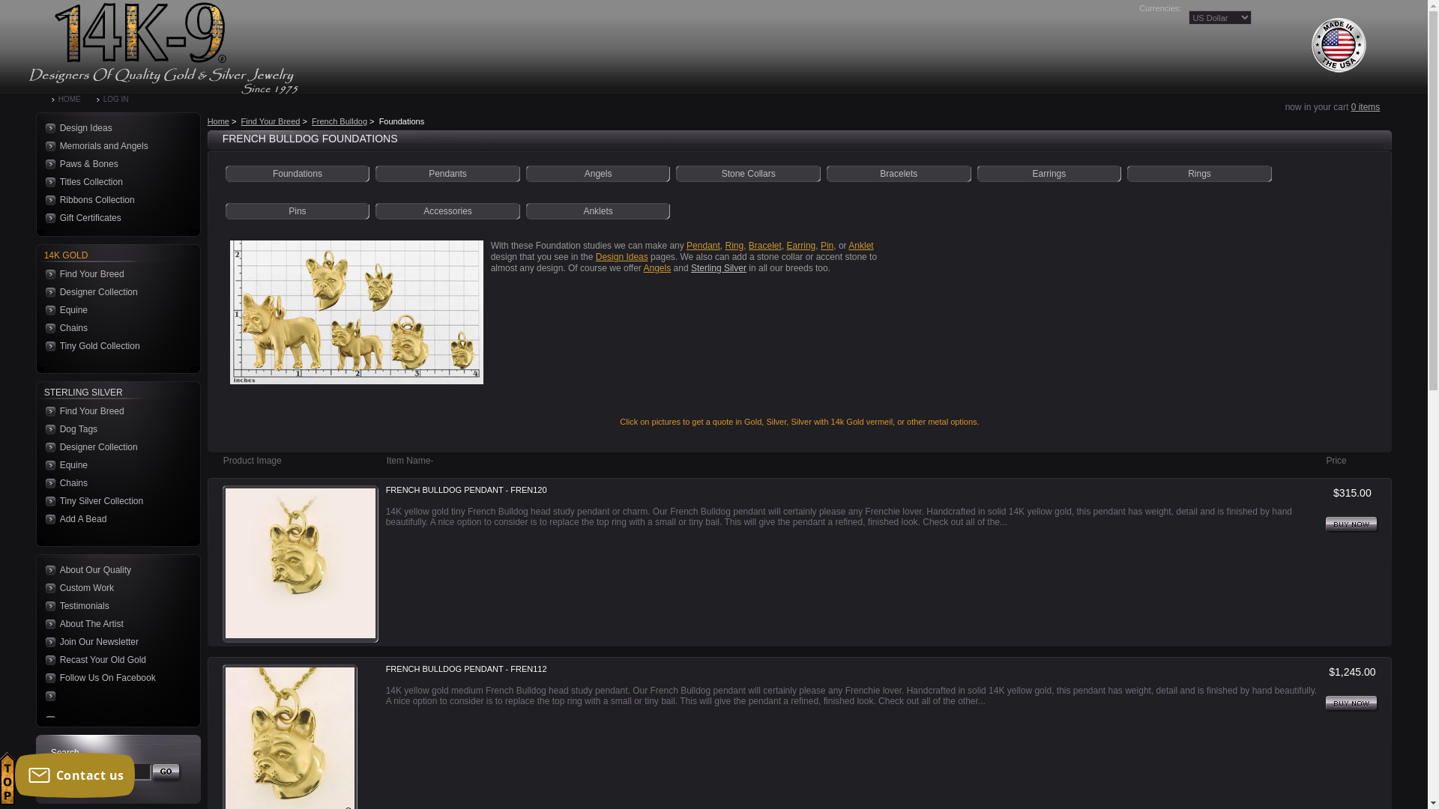  Describe the element at coordinates (113, 164) in the screenshot. I see `'Paws & Bones'` at that location.